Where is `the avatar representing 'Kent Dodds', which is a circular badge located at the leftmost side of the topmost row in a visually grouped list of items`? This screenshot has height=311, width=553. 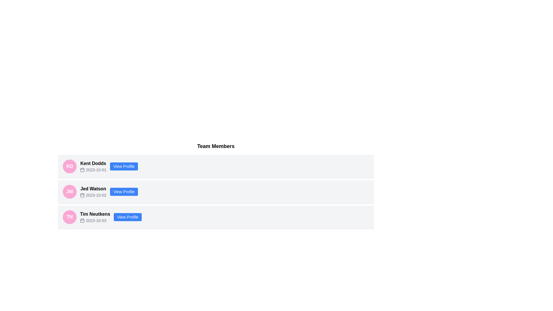 the avatar representing 'Kent Dodds', which is a circular badge located at the leftmost side of the topmost row in a visually grouped list of items is located at coordinates (69, 166).